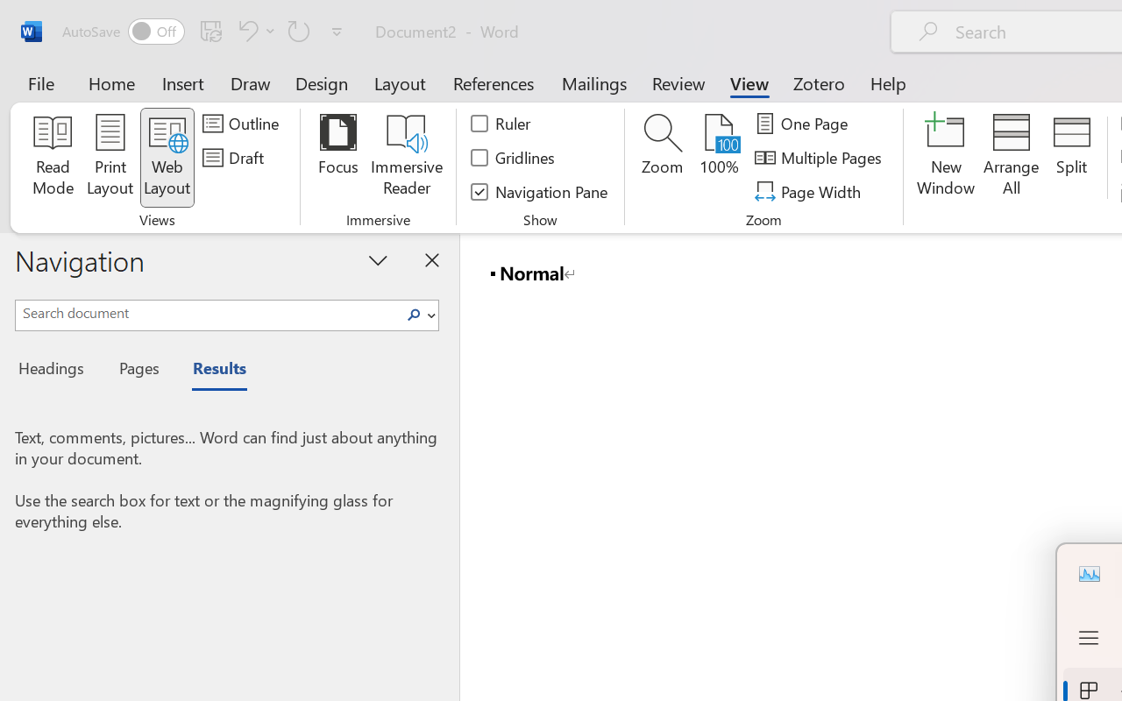  What do you see at coordinates (57, 371) in the screenshot?
I see `'Headings'` at bounding box center [57, 371].